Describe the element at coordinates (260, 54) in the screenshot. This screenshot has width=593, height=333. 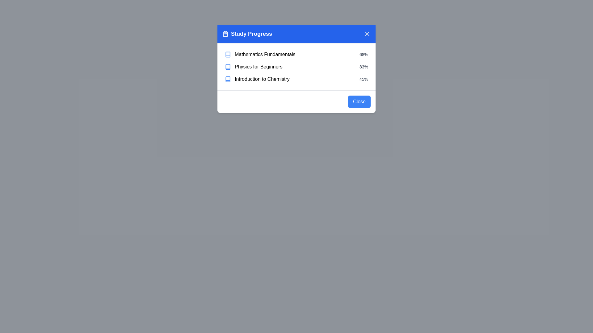
I see `the 'Mathematics Fundamentals' label which is styled with bold black font and positioned next to a blue outlined book icon, located in the 'Study Progress' modal` at that location.